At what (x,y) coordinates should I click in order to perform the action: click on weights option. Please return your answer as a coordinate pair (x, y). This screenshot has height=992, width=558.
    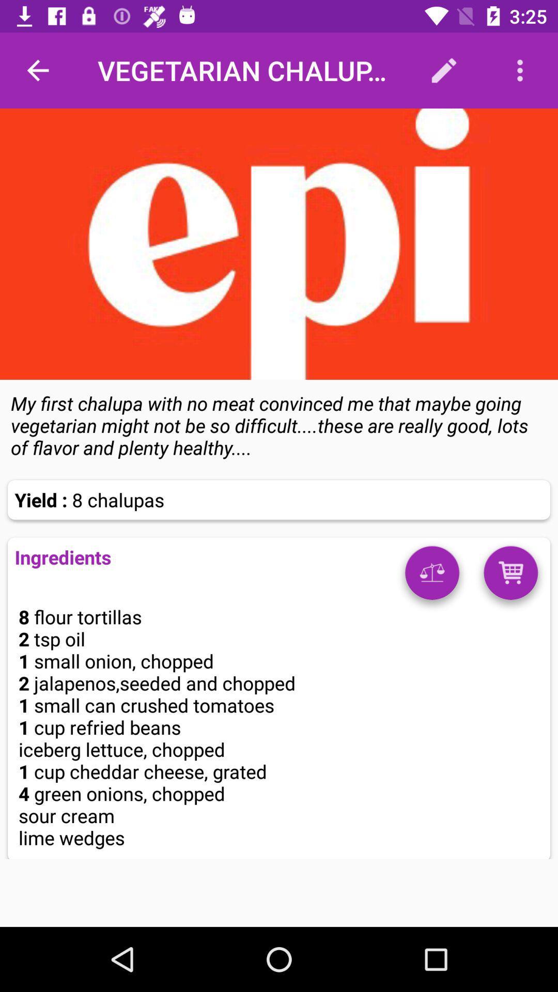
    Looking at the image, I should click on (432, 576).